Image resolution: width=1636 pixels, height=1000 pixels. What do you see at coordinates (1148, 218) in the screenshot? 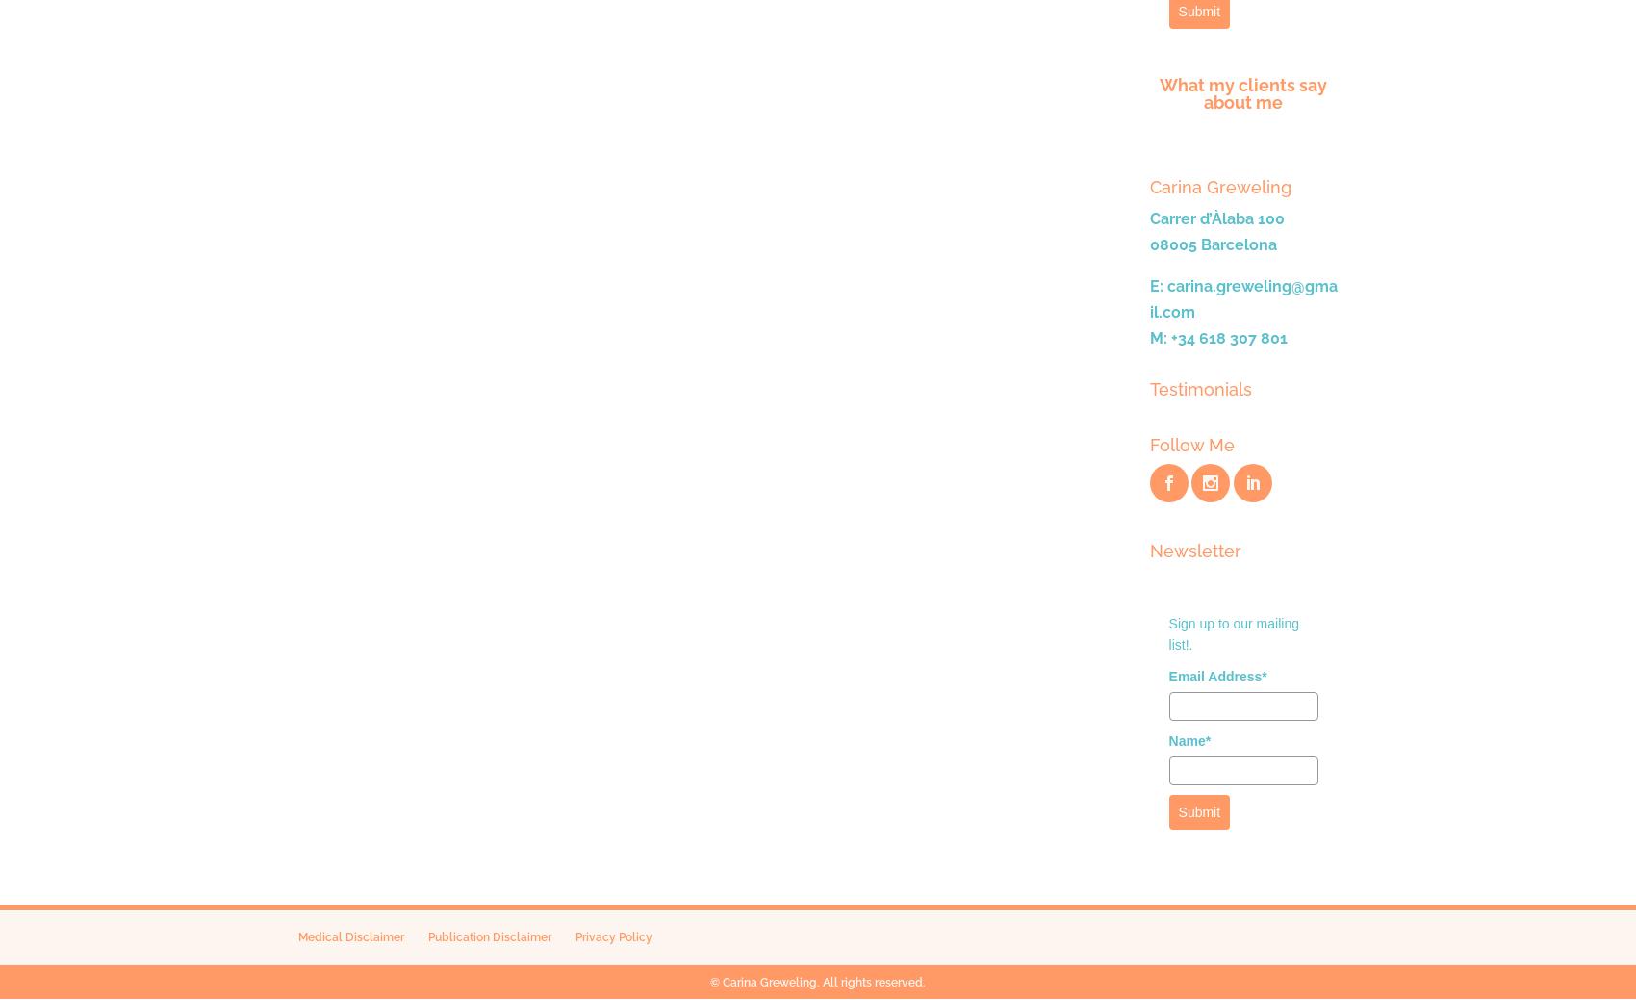
I see `'Carrer d’Àlaba 100'` at bounding box center [1148, 218].